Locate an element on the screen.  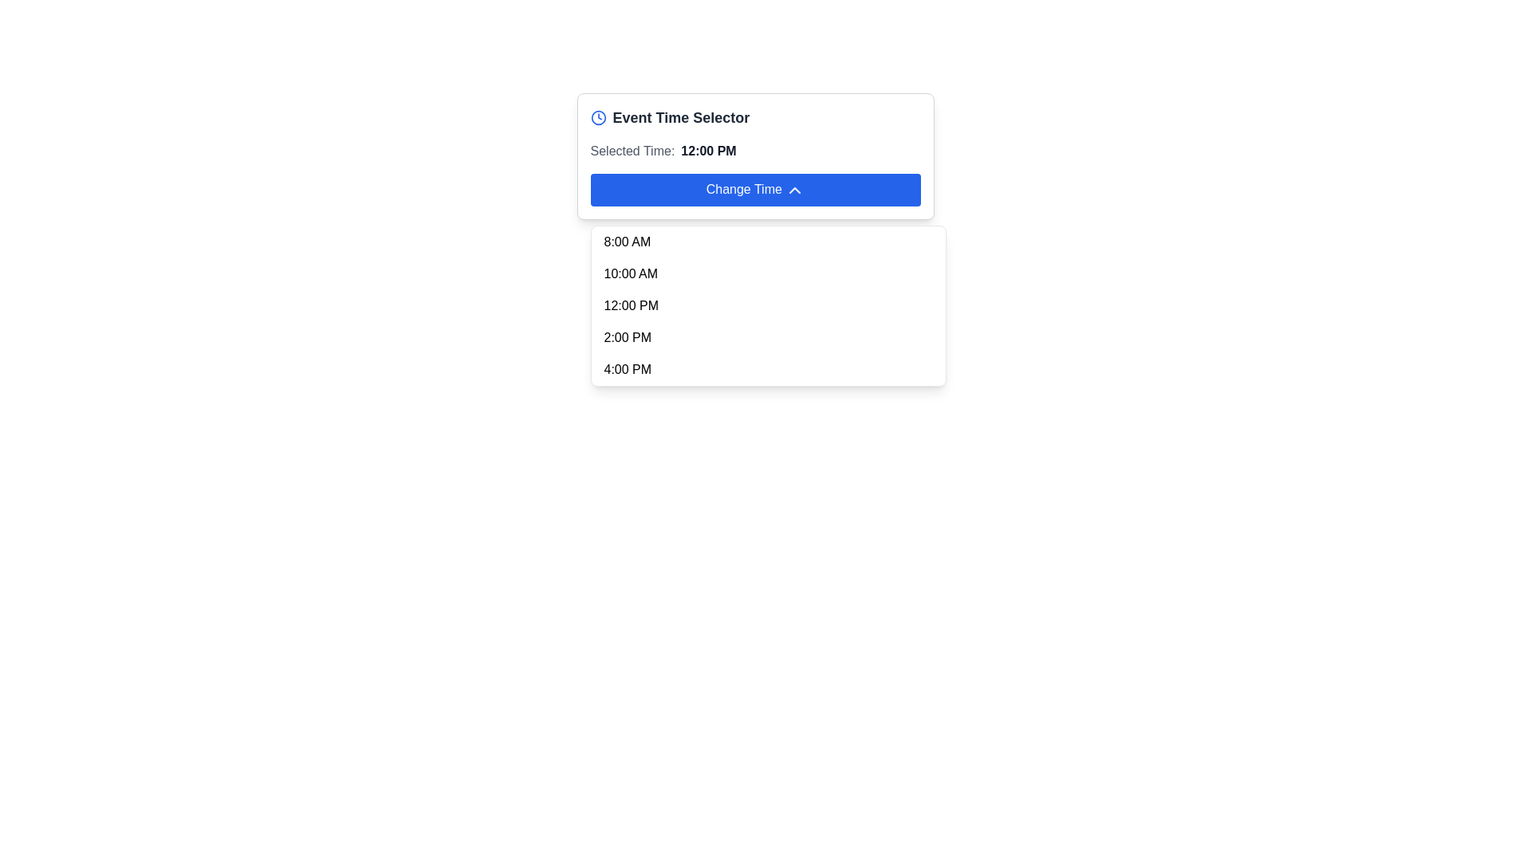
the upward chevron icon located on the right side of the 'Change Time' button is located at coordinates (795, 189).